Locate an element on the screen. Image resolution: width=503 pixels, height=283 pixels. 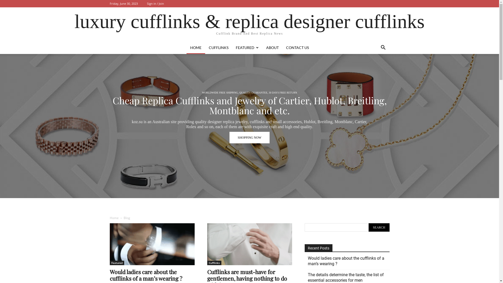
'Featured' is located at coordinates (116, 263).